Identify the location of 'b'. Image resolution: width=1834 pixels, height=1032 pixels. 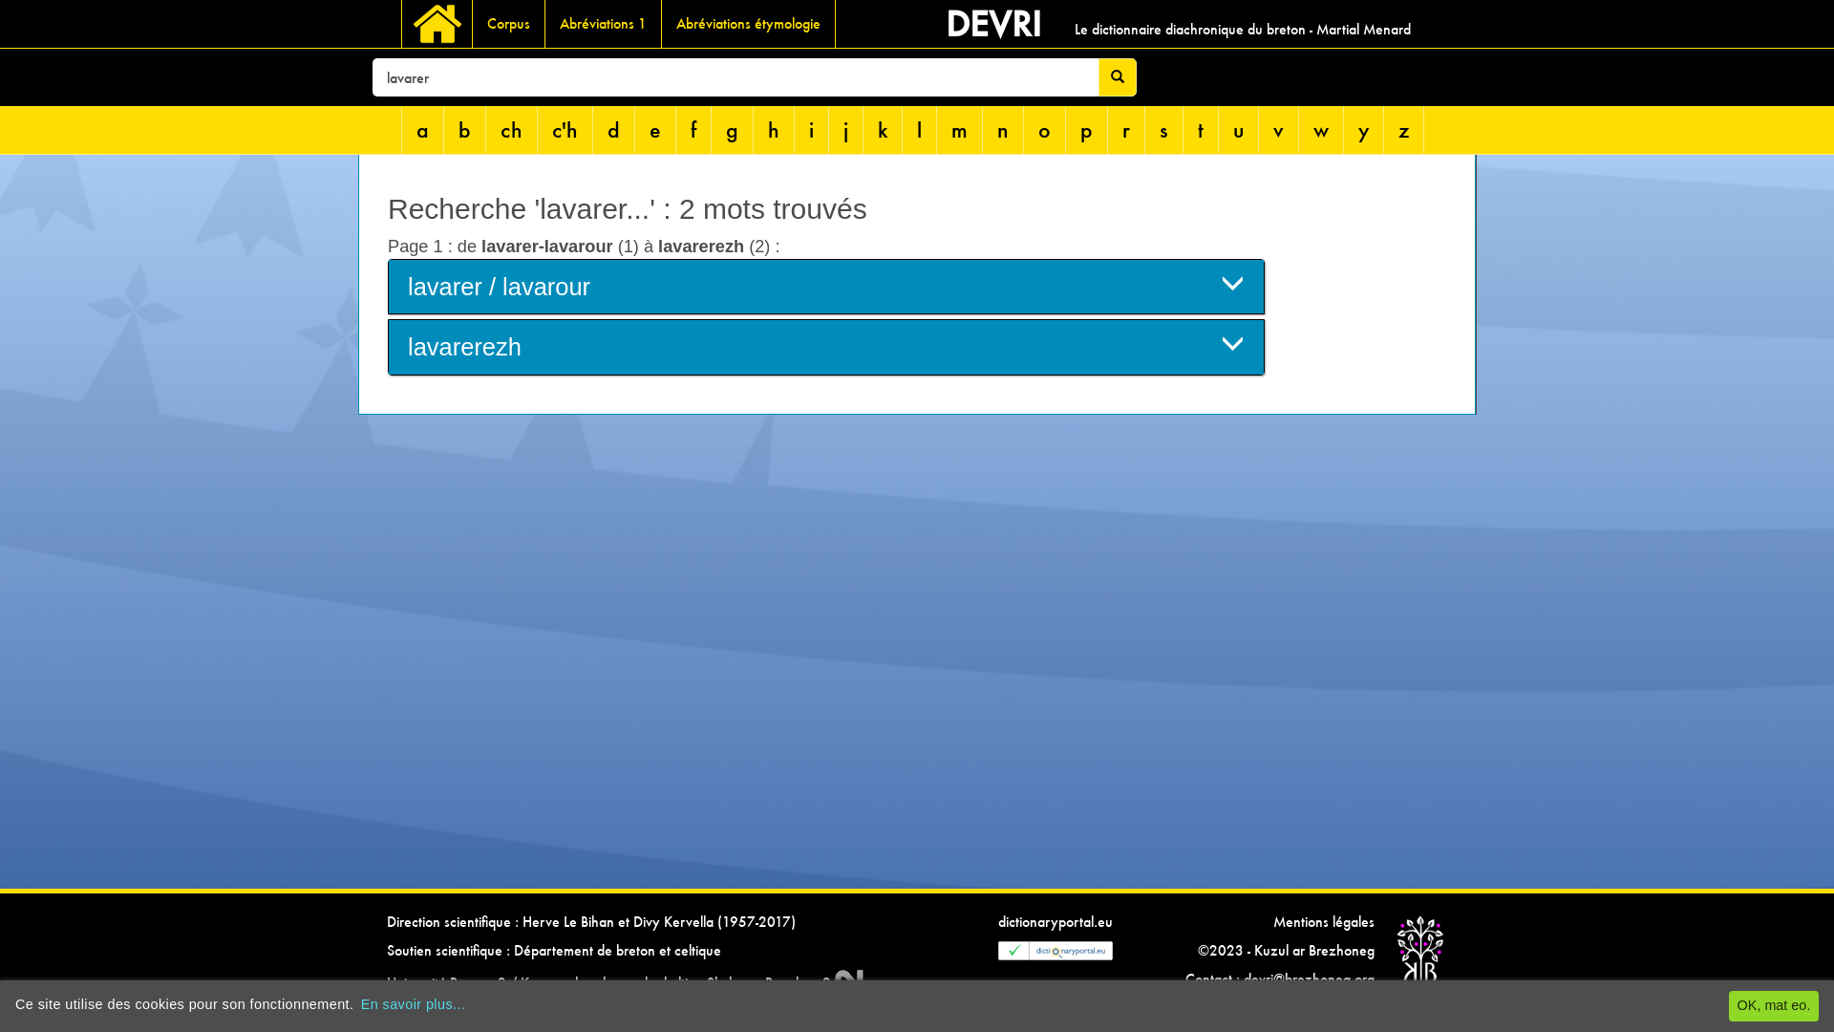
(464, 129).